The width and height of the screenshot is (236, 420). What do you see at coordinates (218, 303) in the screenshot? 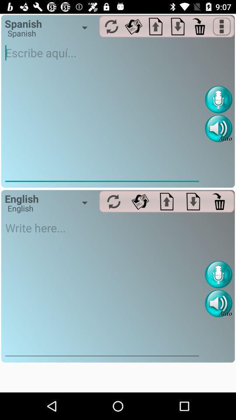
I see `the volume icon` at bounding box center [218, 303].